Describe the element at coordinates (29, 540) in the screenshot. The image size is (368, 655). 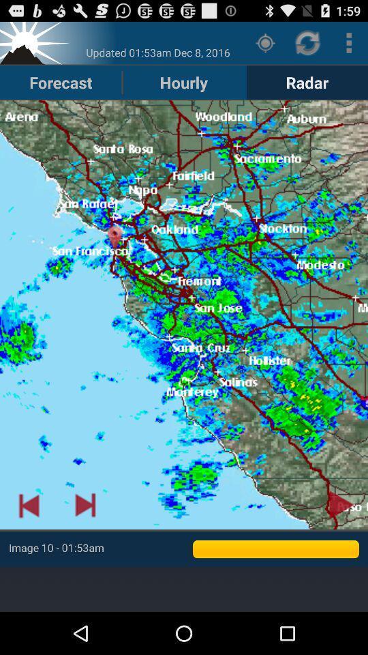
I see `the skip_previous icon` at that location.